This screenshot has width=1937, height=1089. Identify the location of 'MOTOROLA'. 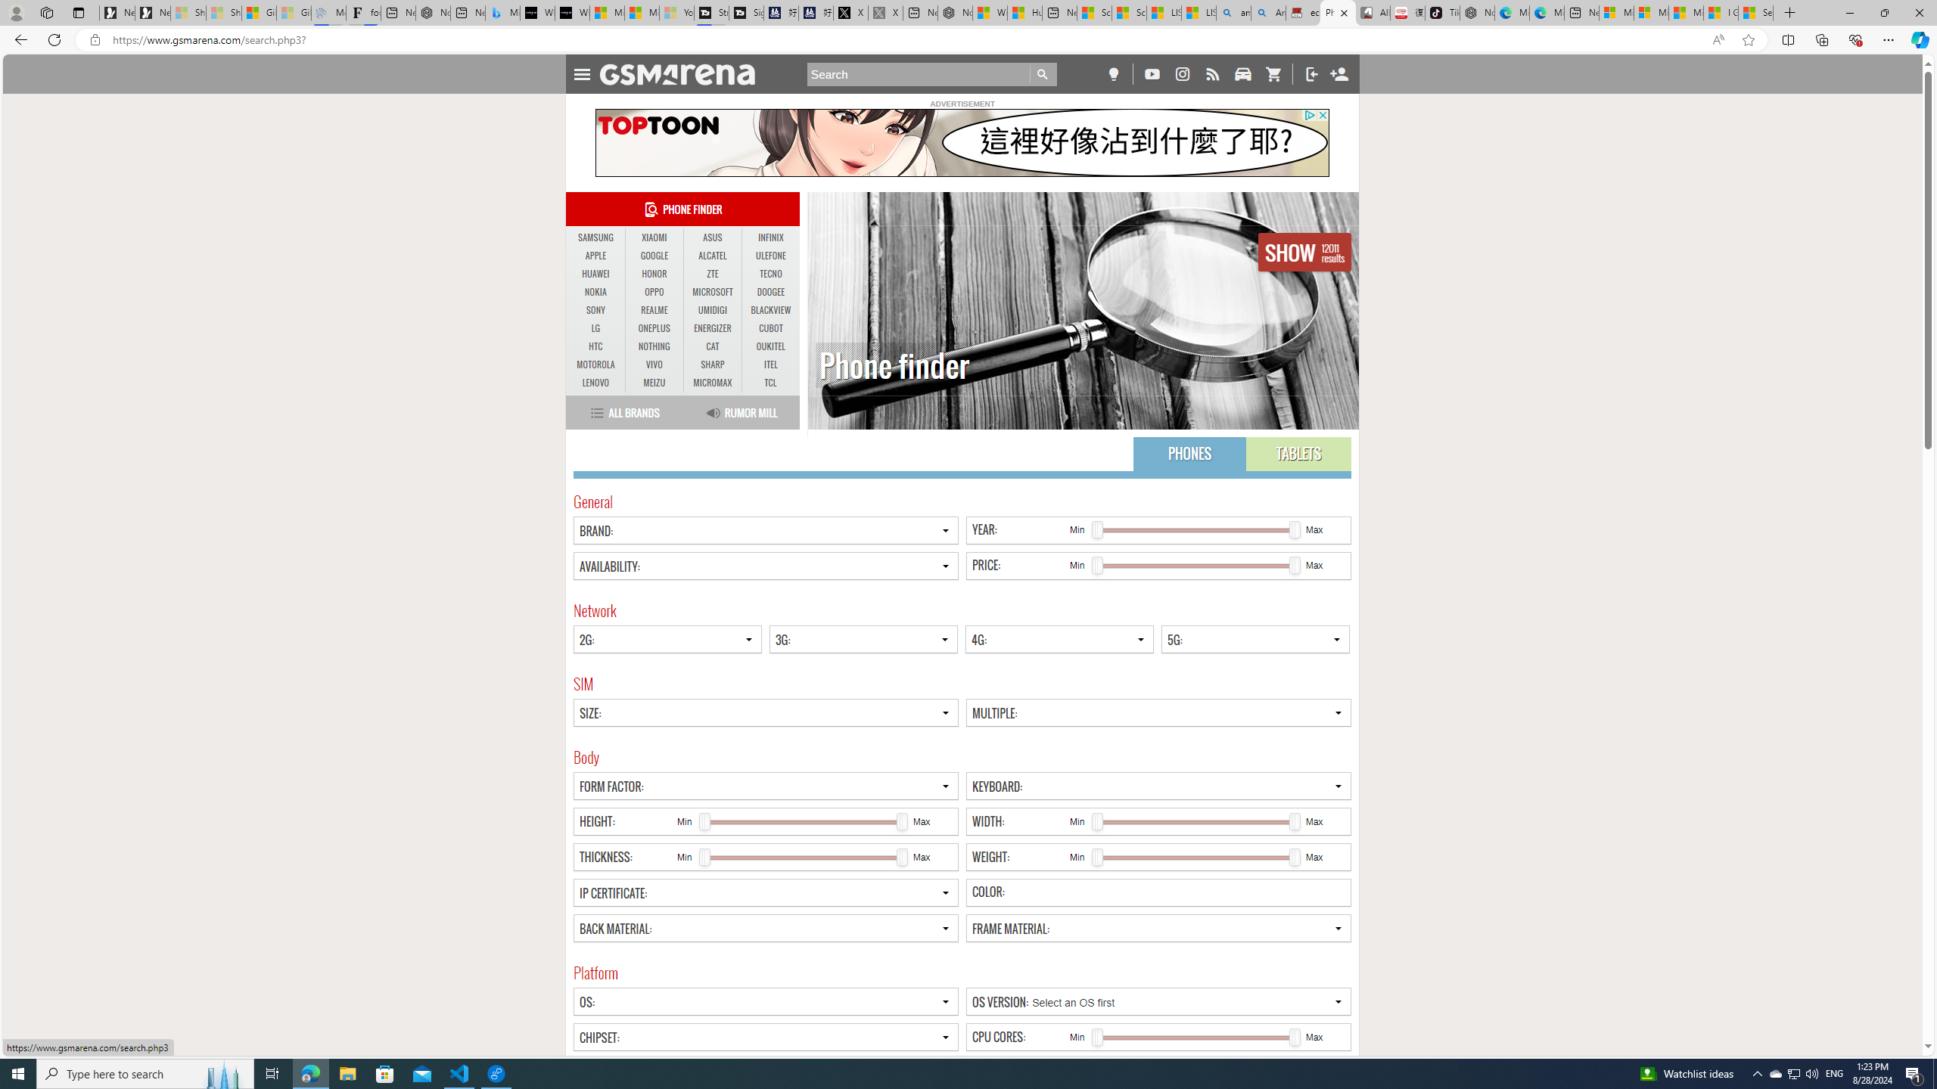
(595, 365).